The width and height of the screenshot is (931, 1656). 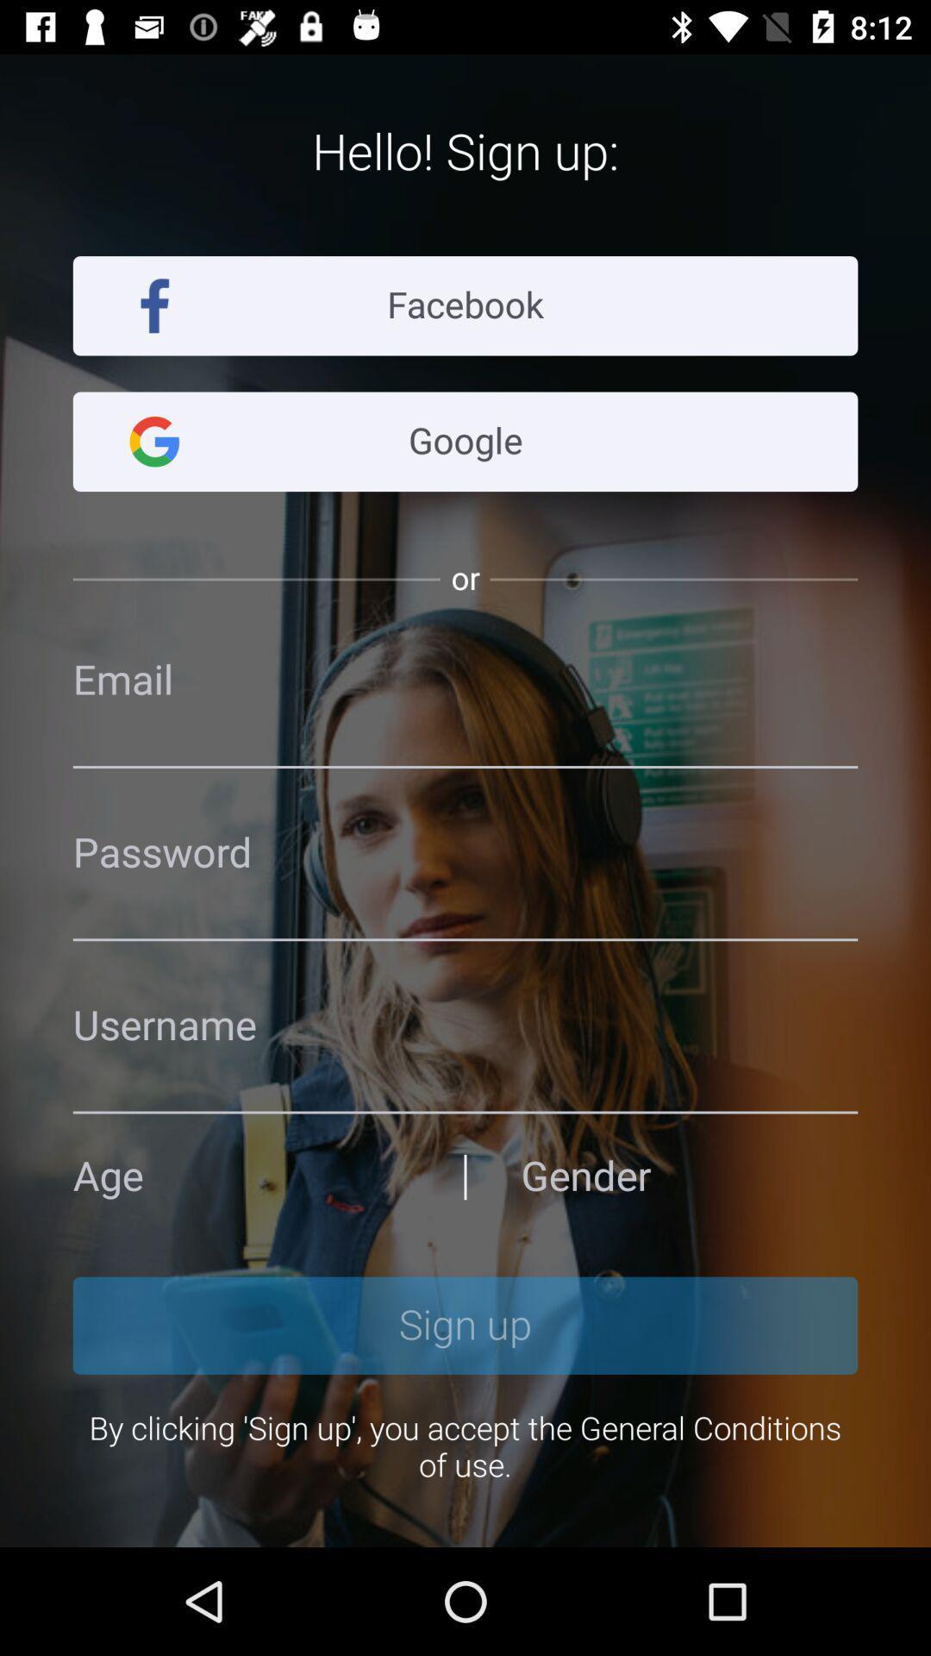 I want to click on write your email, so click(x=465, y=680).